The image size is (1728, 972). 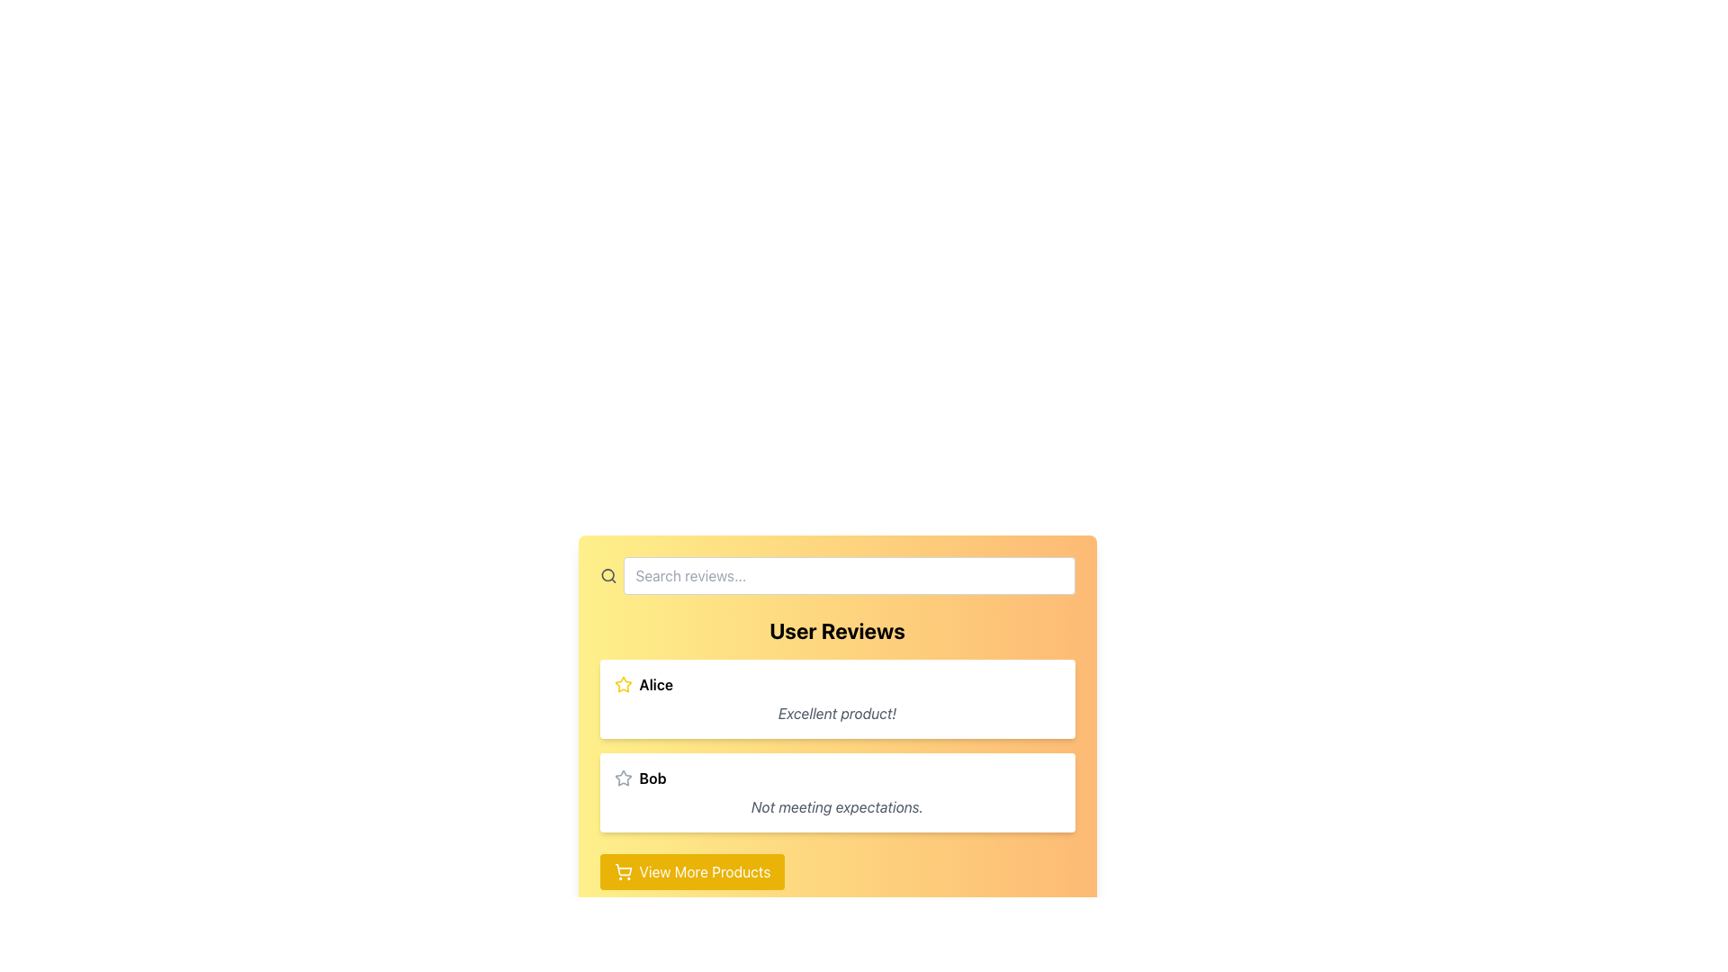 What do you see at coordinates (836, 630) in the screenshot?
I see `the Text label that serves as a section heading for user reviews, located below the search bar and above individual review entries labeled 'Alice' and 'Bob'` at bounding box center [836, 630].